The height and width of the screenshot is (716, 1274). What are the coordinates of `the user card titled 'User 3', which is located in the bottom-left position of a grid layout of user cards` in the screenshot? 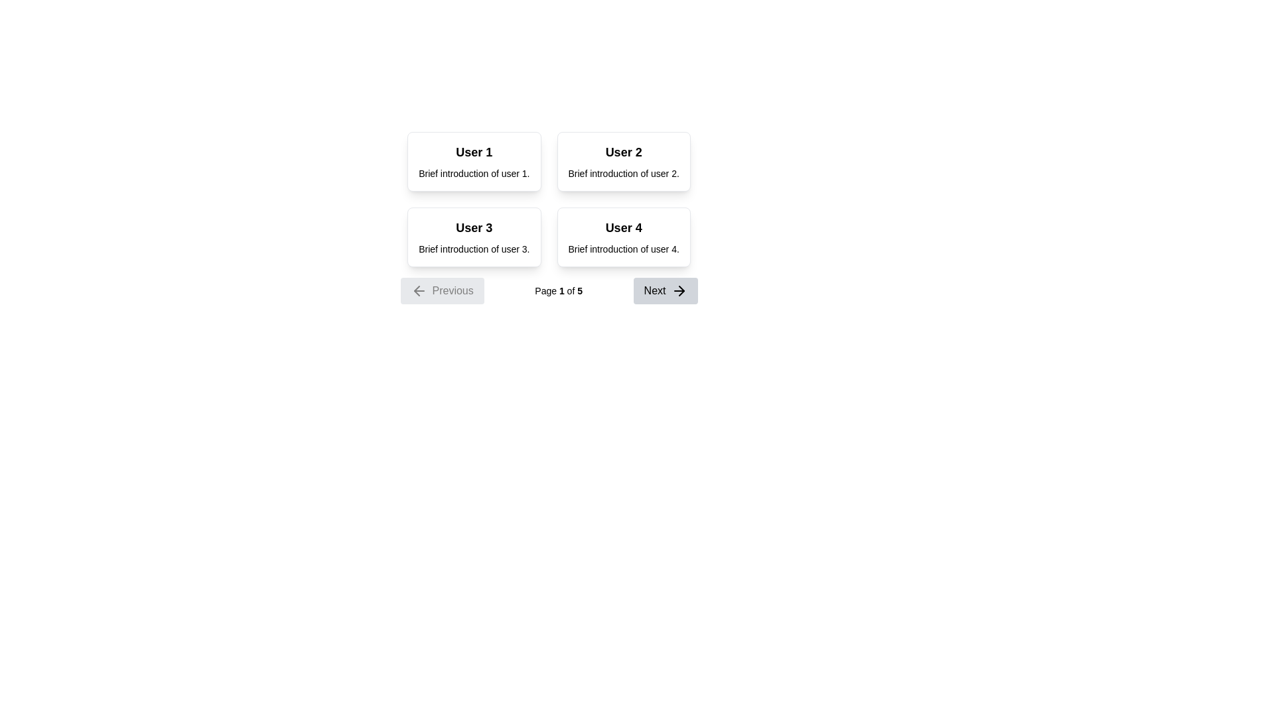 It's located at (474, 227).